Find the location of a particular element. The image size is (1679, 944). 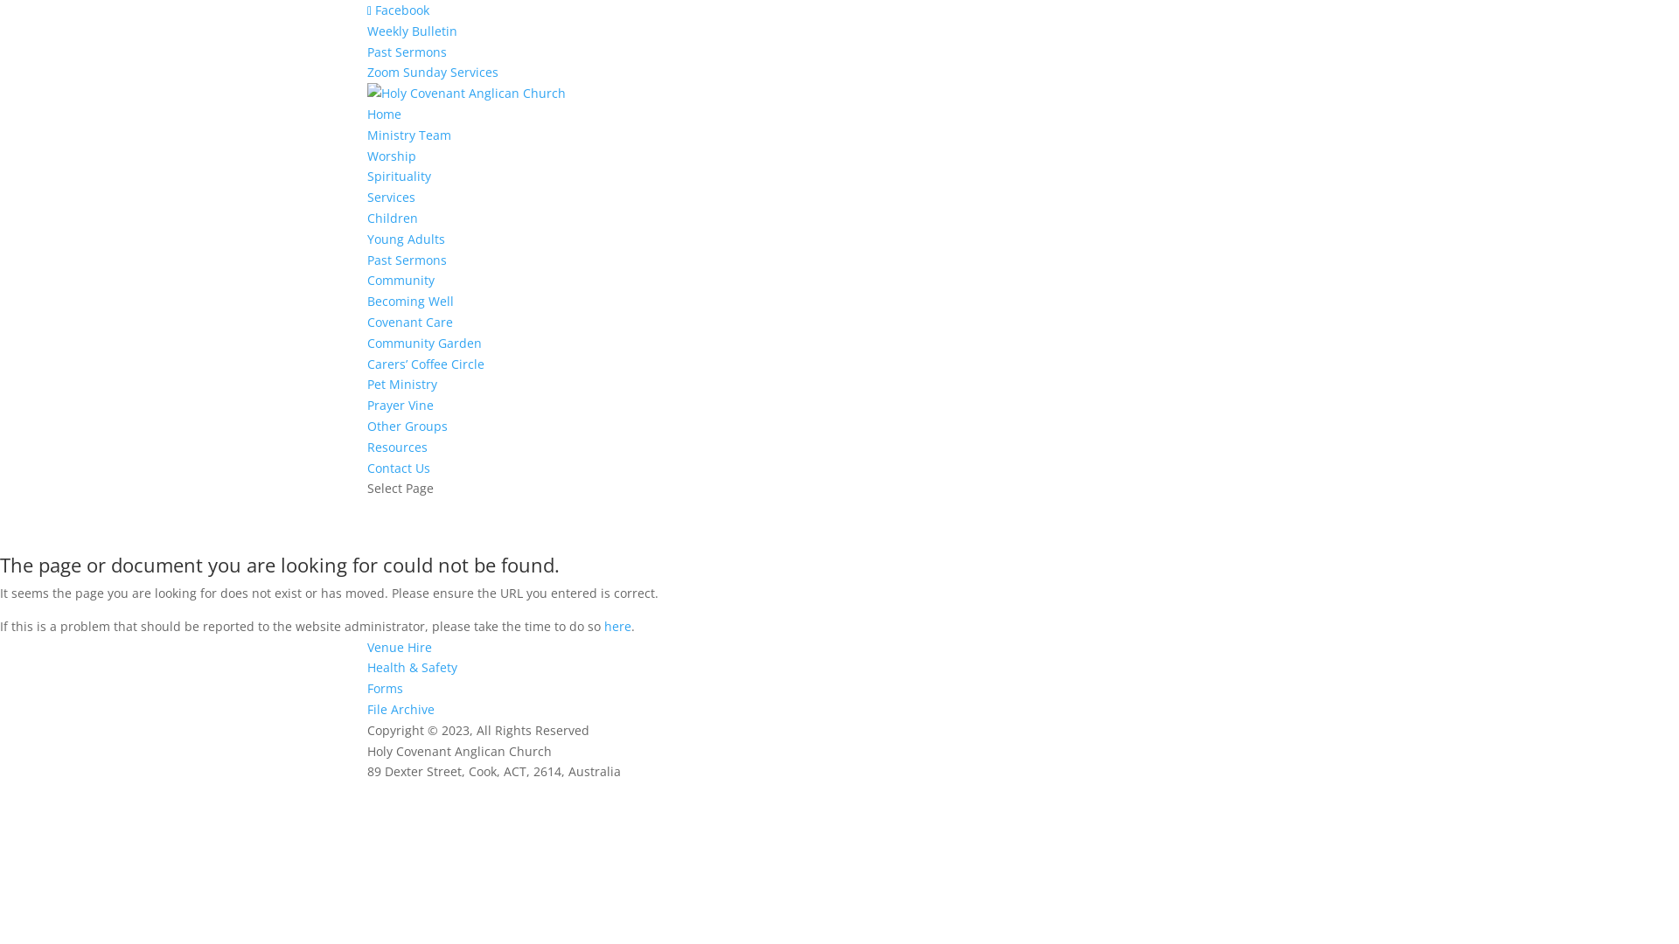

'Ministry Team' is located at coordinates (408, 134).